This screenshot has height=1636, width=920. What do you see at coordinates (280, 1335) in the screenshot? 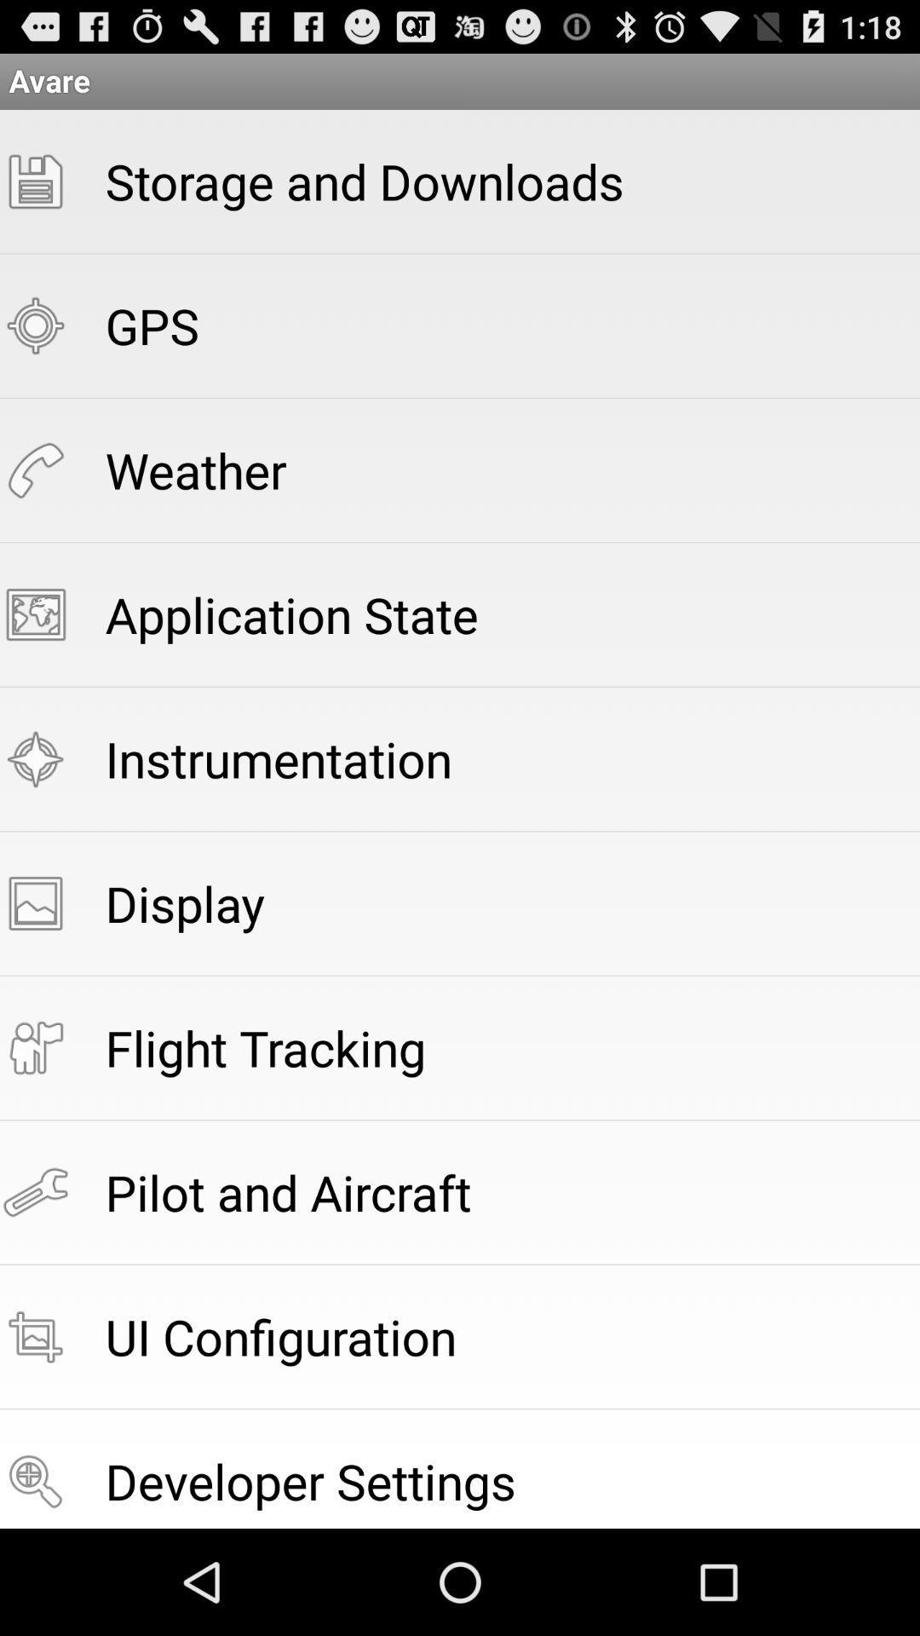
I see `item above developer settings icon` at bounding box center [280, 1335].